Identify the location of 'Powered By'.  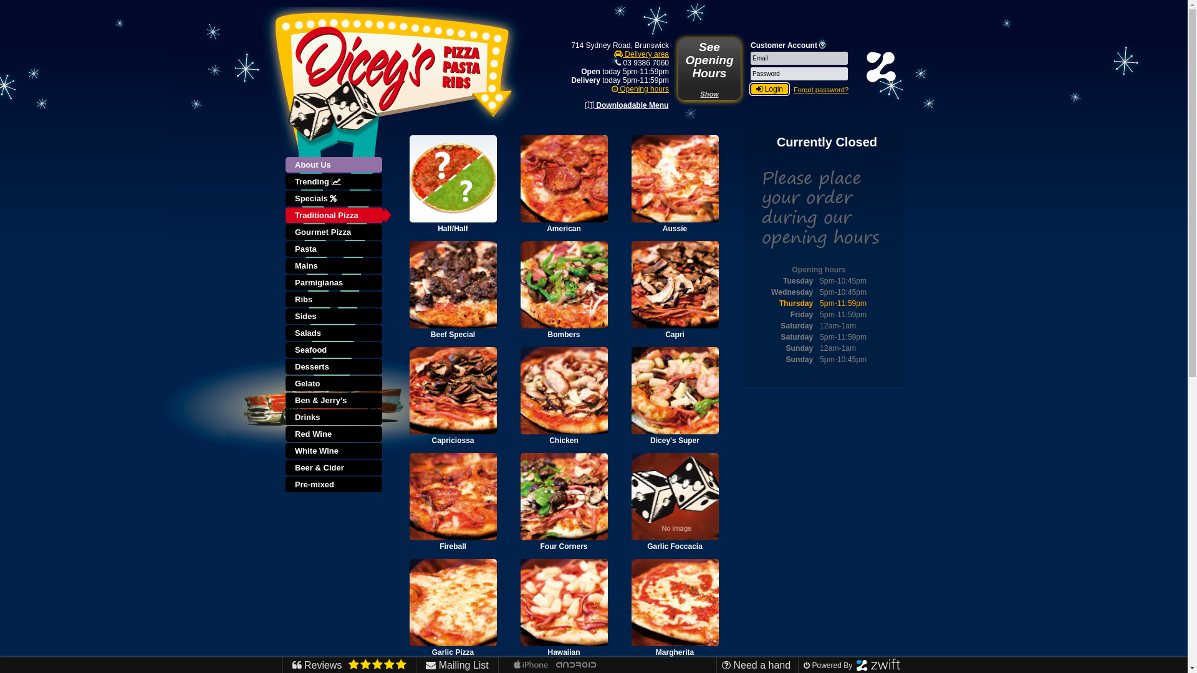
(804, 665).